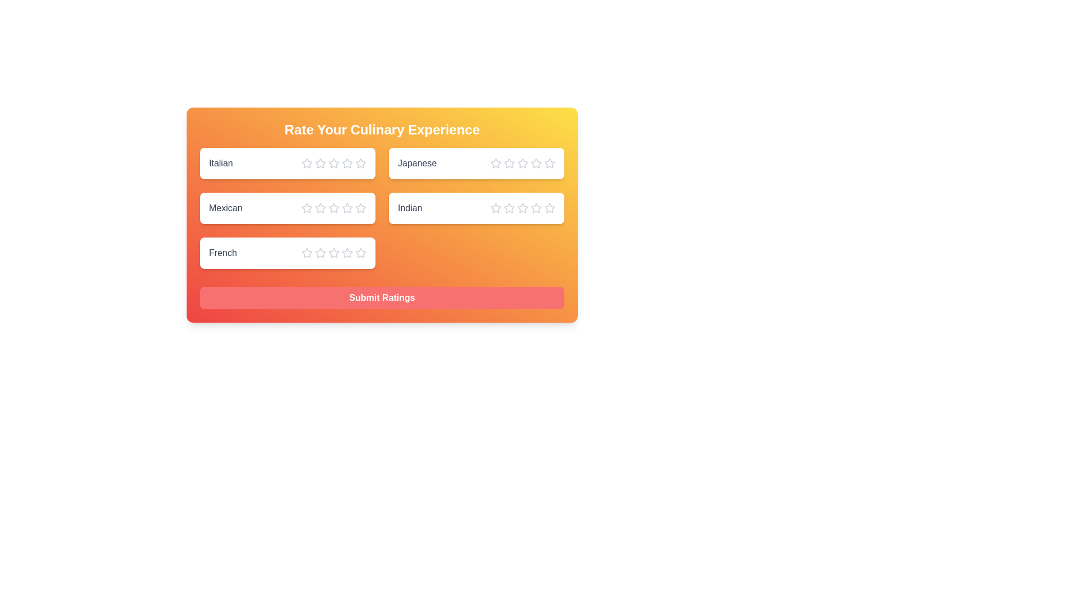 The height and width of the screenshot is (605, 1076). What do you see at coordinates (535, 164) in the screenshot?
I see `the star corresponding to the rating 4 for the cuisine Japanese` at bounding box center [535, 164].